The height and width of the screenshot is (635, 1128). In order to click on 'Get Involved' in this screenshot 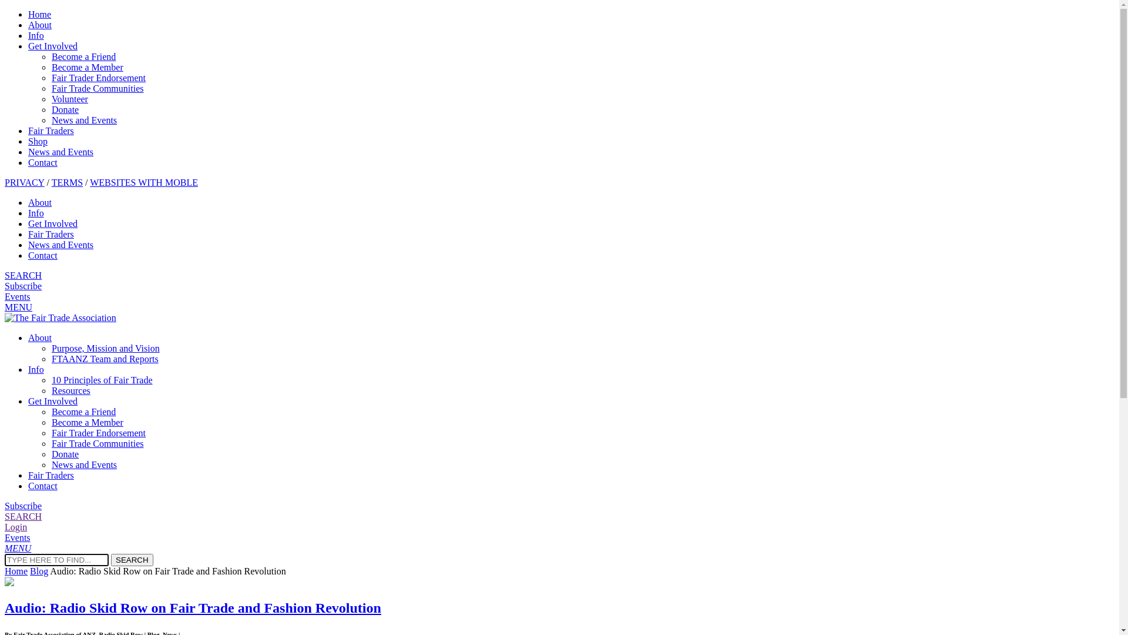, I will do `click(52, 400)`.